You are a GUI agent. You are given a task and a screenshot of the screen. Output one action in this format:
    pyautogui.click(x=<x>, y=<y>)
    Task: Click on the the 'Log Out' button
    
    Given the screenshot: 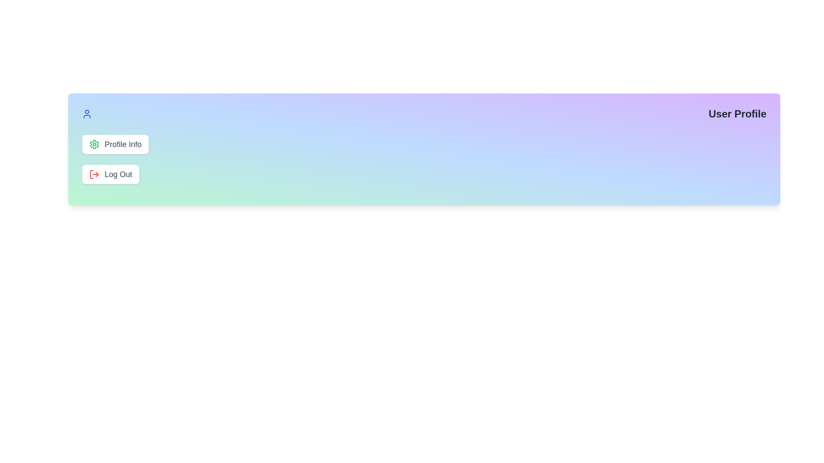 What is the action you would take?
    pyautogui.click(x=110, y=174)
    